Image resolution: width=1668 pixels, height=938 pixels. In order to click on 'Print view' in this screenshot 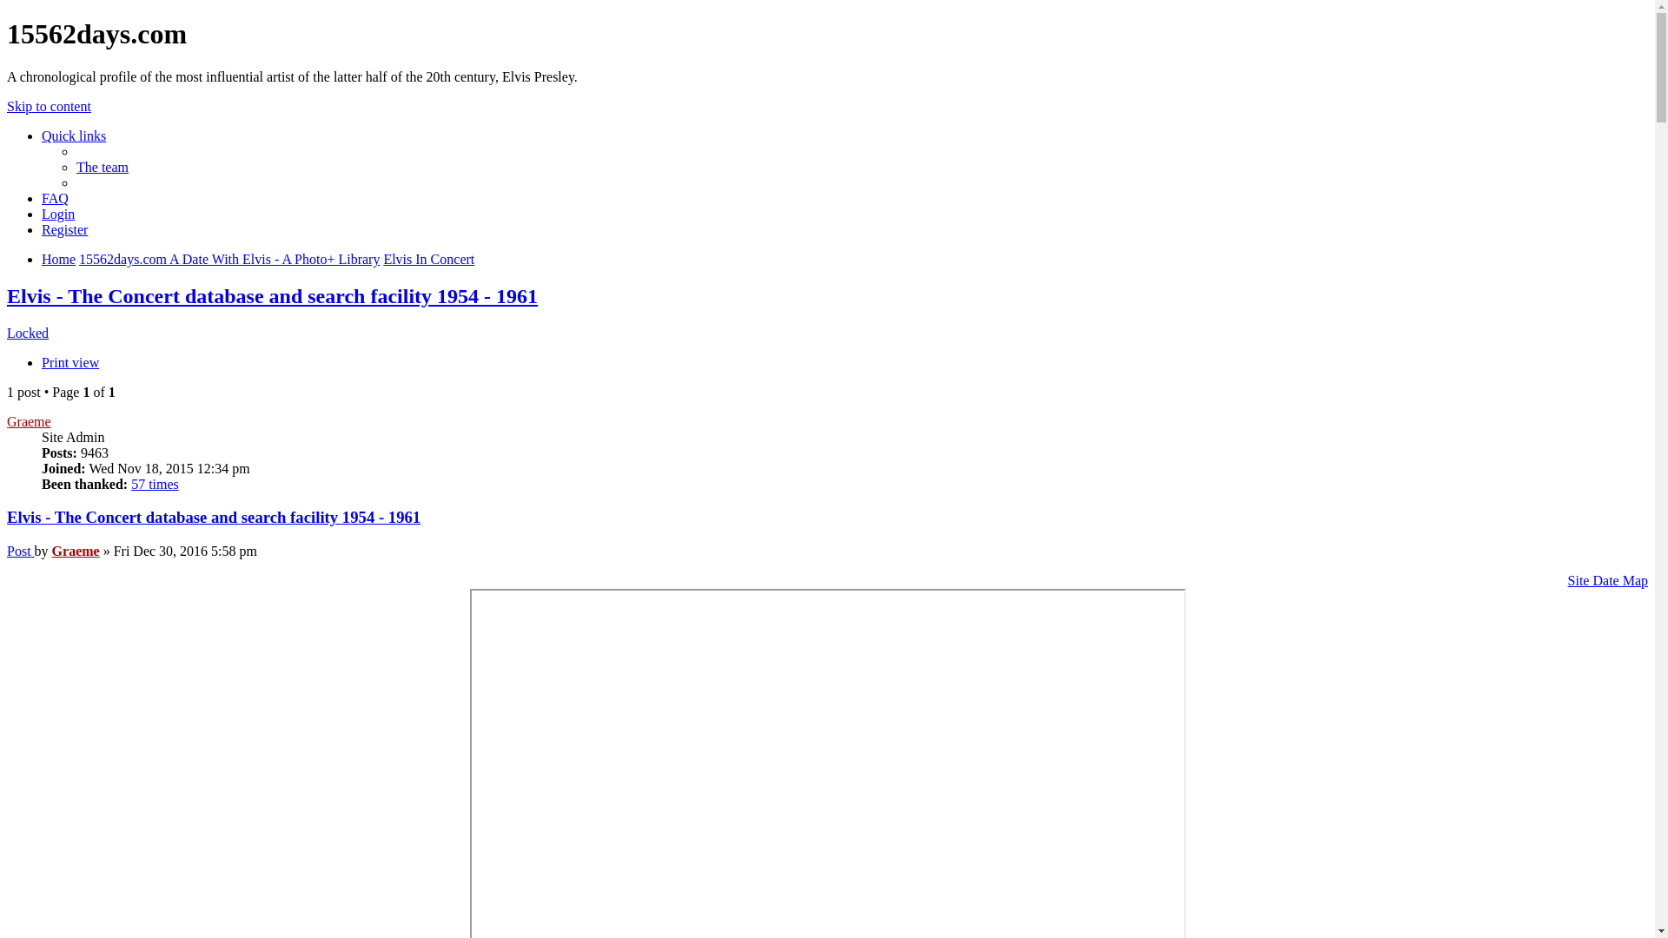, I will do `click(69, 361)`.